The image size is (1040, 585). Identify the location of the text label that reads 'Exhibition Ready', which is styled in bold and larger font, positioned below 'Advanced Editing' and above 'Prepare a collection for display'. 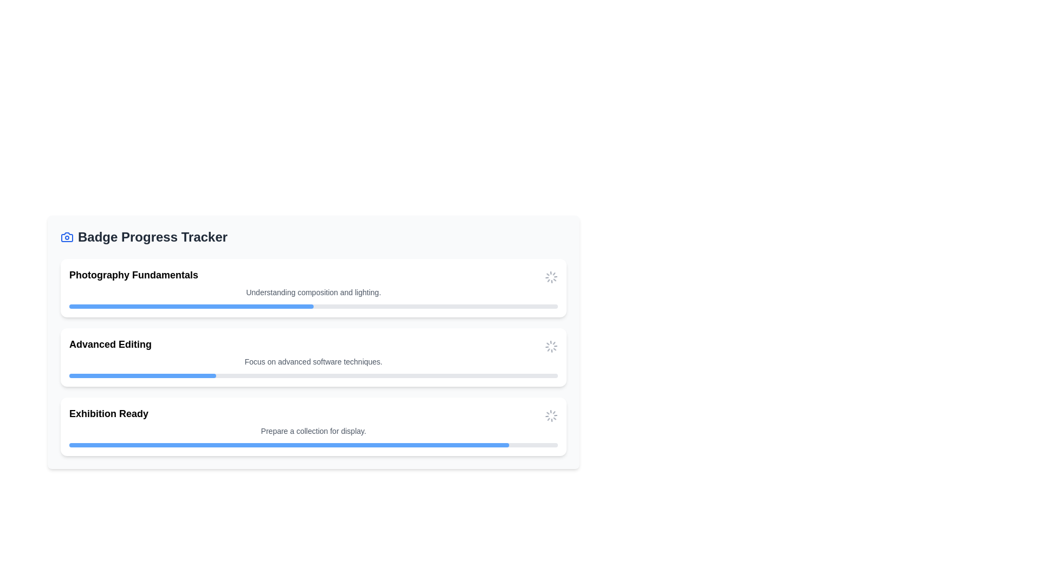
(109, 413).